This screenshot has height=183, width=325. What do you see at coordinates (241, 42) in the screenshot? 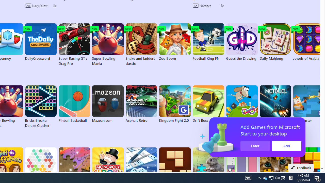
I see `'Guess the Drawing'` at bounding box center [241, 42].